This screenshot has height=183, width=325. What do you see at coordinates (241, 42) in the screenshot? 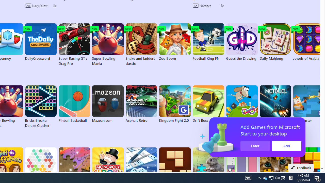
I see `'Guess the Drawing'` at bounding box center [241, 42].